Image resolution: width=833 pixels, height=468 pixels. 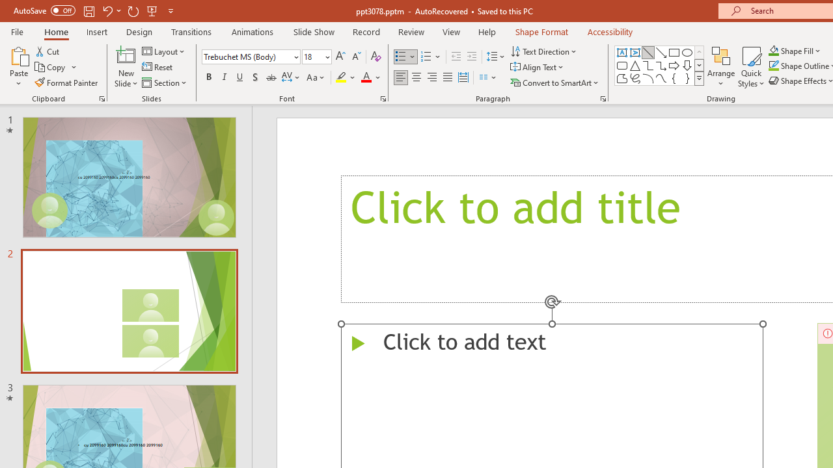 I want to click on 'Oval', so click(x=687, y=52).